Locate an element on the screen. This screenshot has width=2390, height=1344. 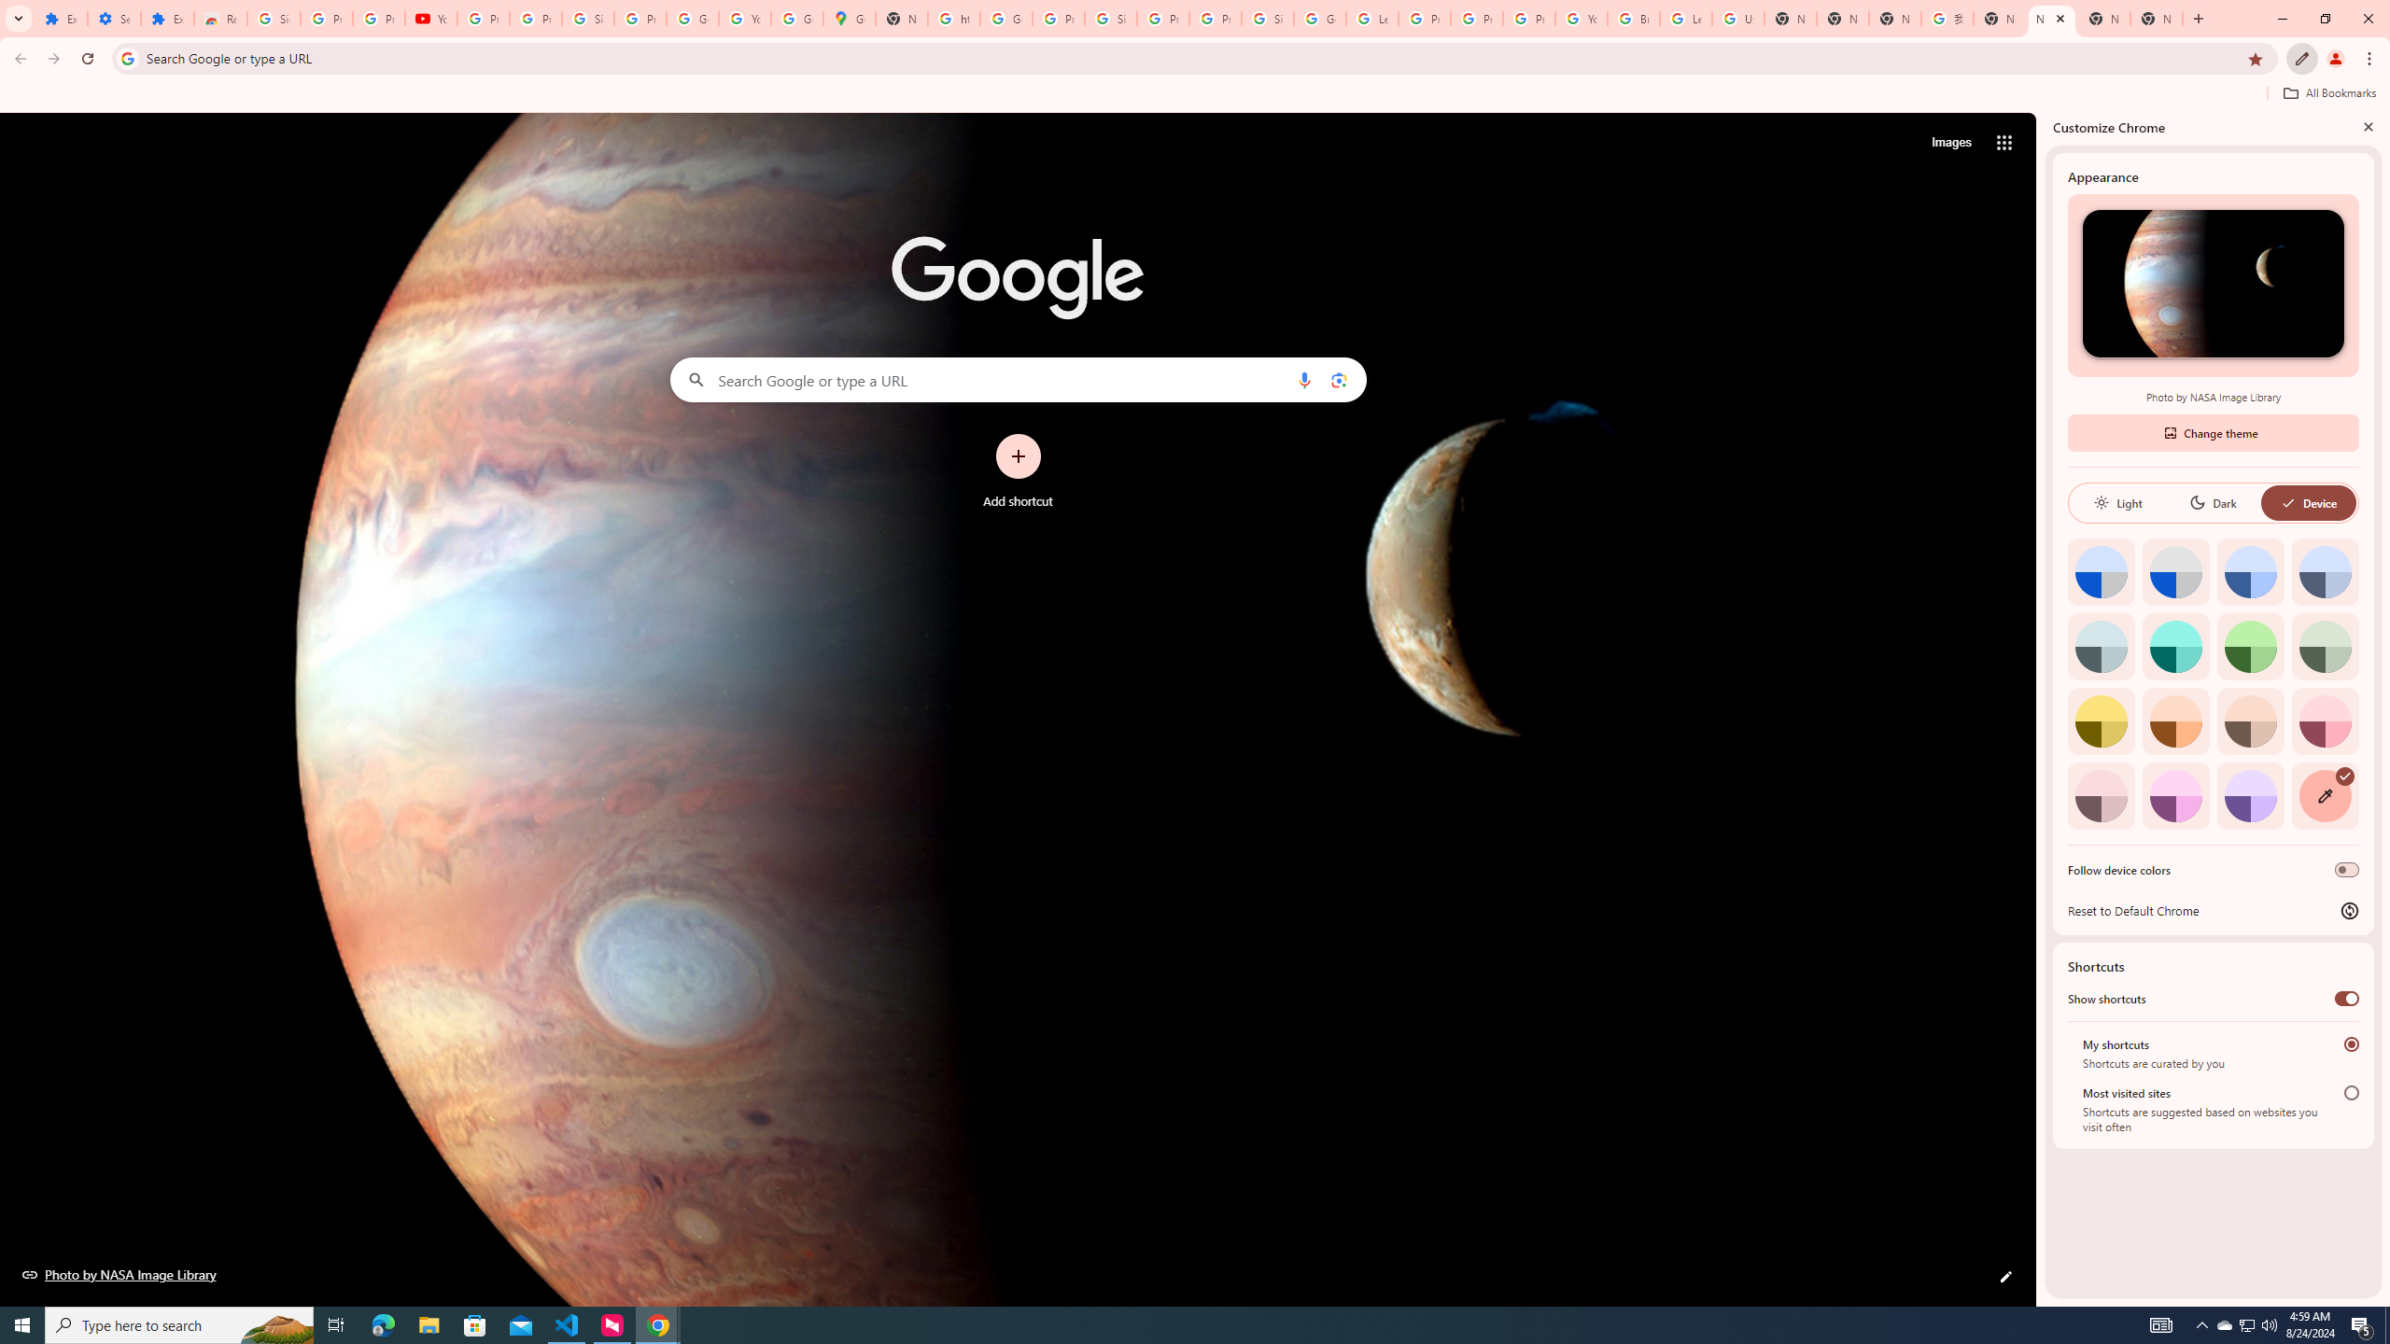
'Search for Images ' is located at coordinates (1951, 143).